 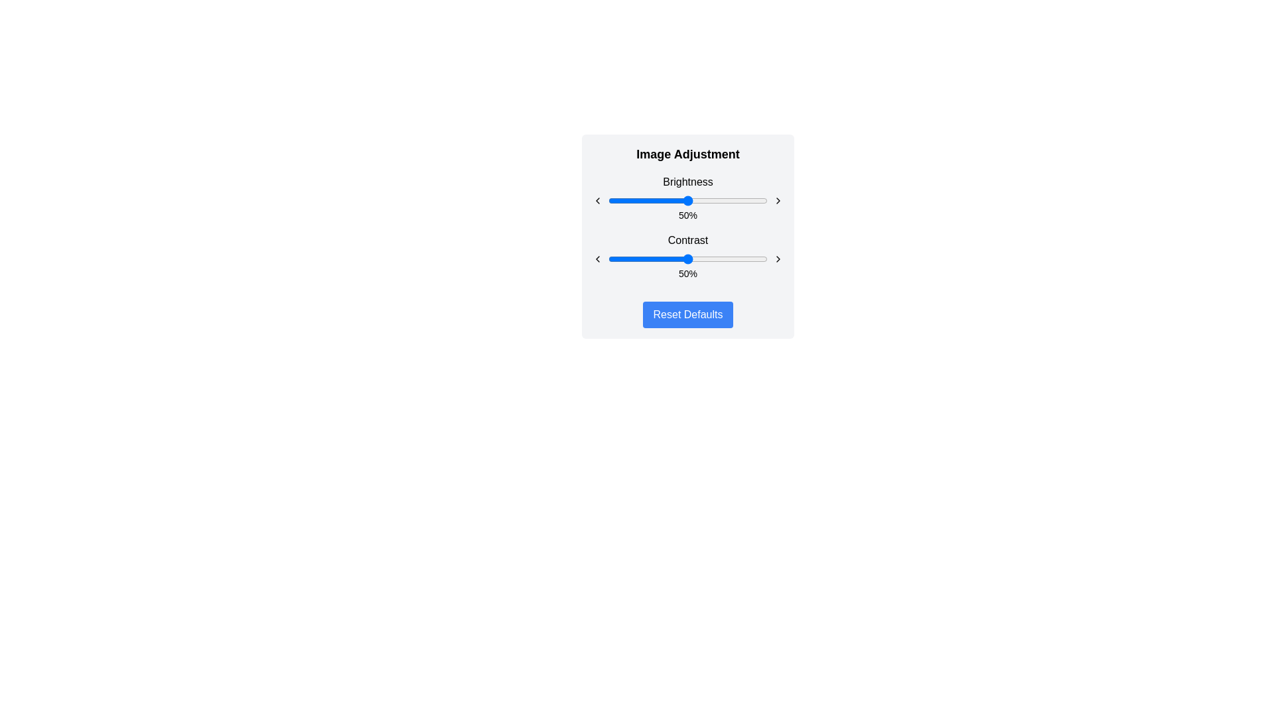 What do you see at coordinates (764, 259) in the screenshot?
I see `contrast` at bounding box center [764, 259].